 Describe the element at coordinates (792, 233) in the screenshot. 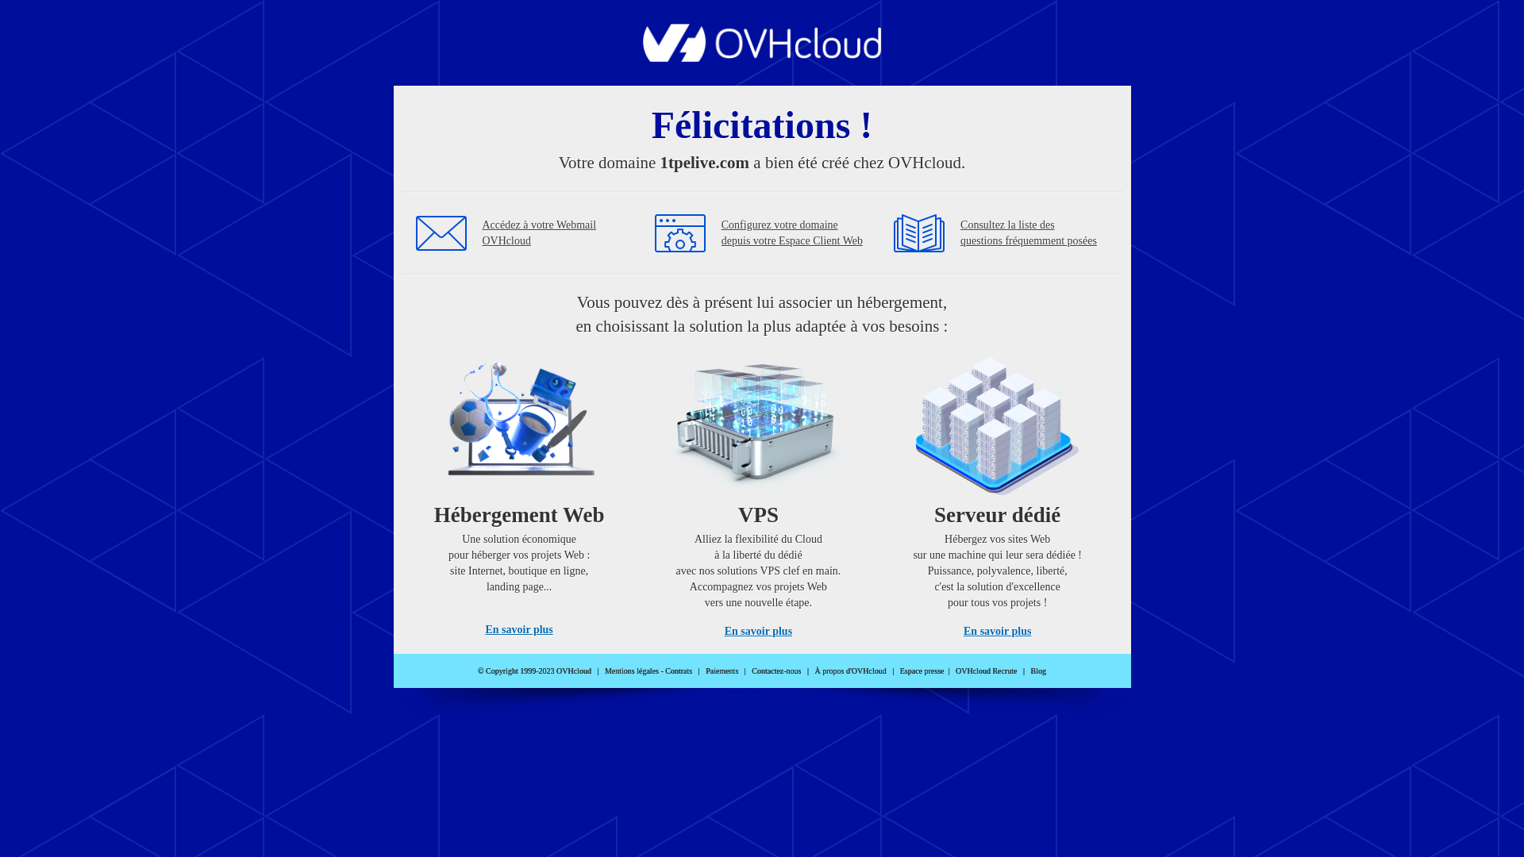

I see `'Configurez votre domaine` at that location.